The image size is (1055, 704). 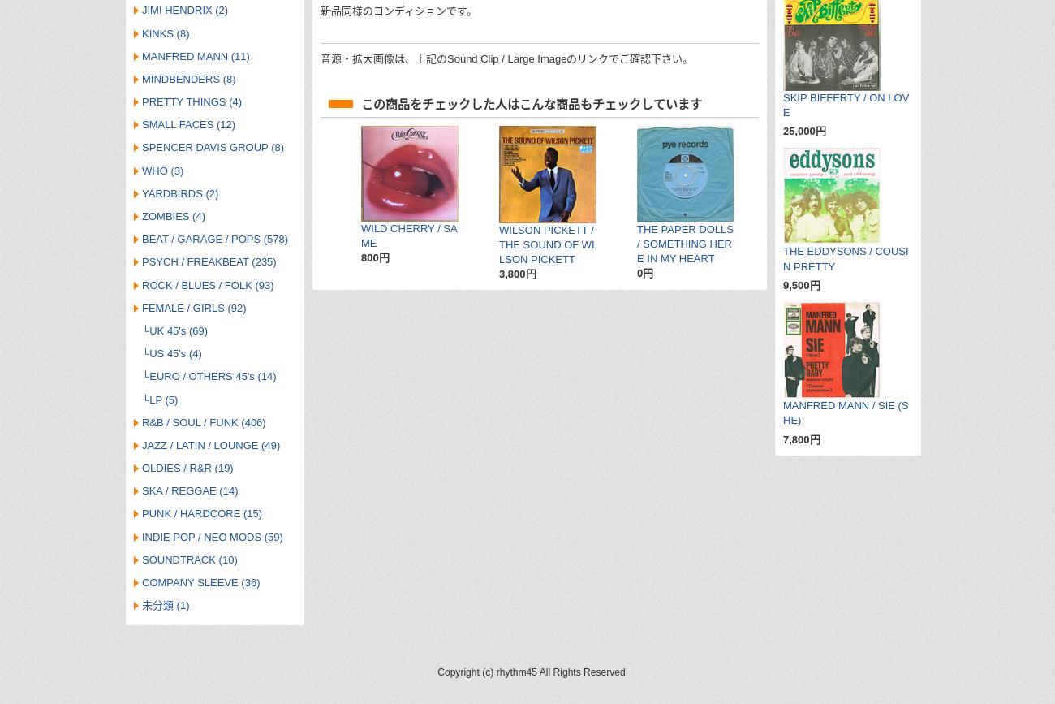 What do you see at coordinates (374, 257) in the screenshot?
I see `'800円'` at bounding box center [374, 257].